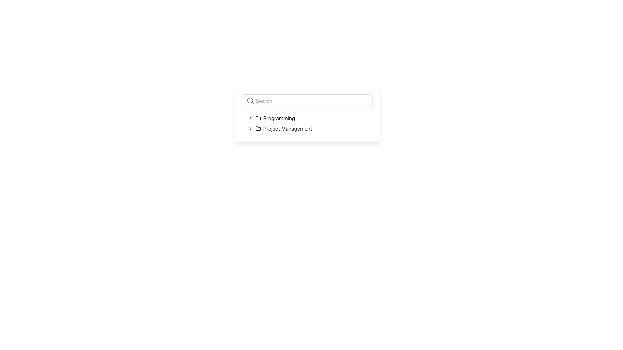  I want to click on the triangular right-facing arrow button located adjacent to the text 'Programming', so click(250, 118).